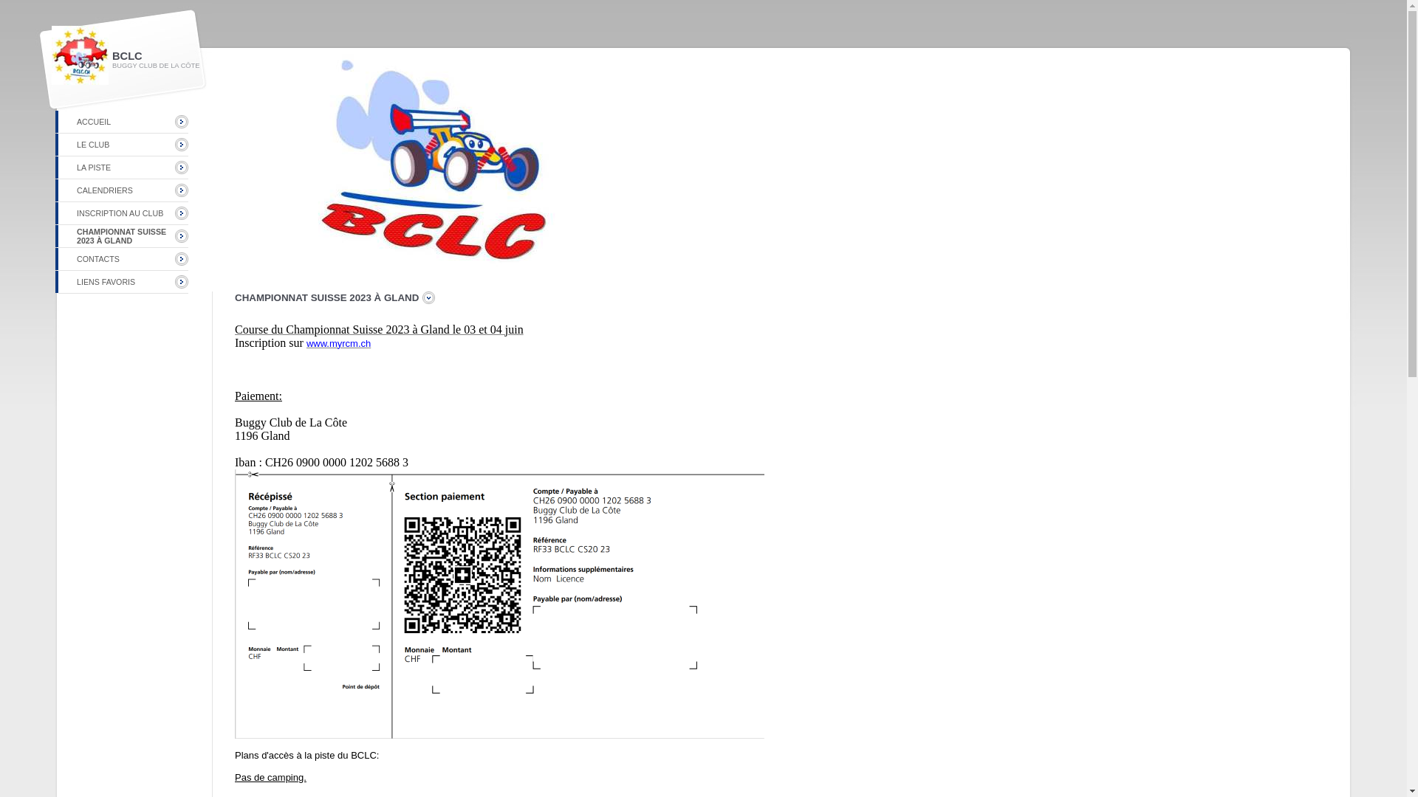 The image size is (1418, 797). I want to click on 'ACCUEIL', so click(76, 121).